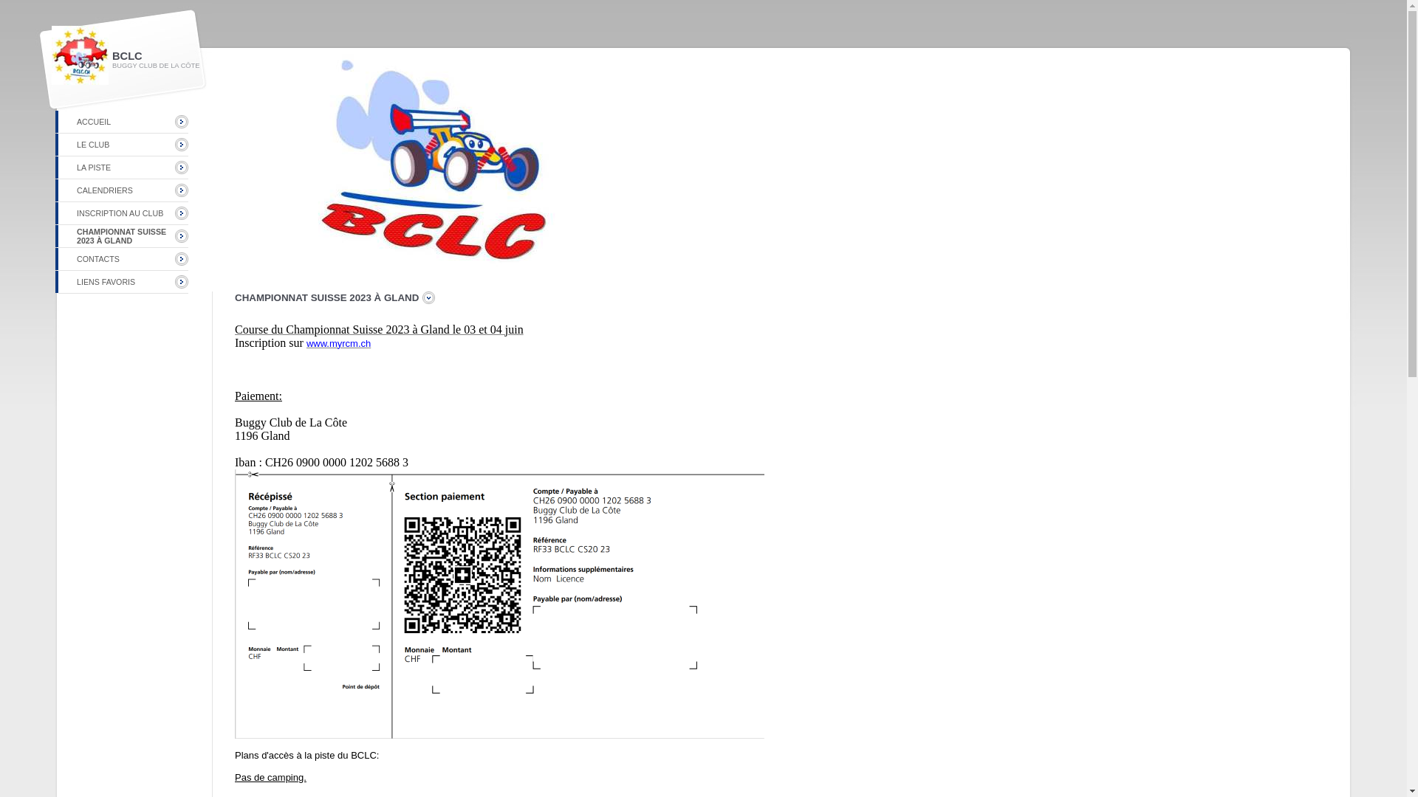 The image size is (1418, 797). I want to click on 'ACCUEIL', so click(76, 121).